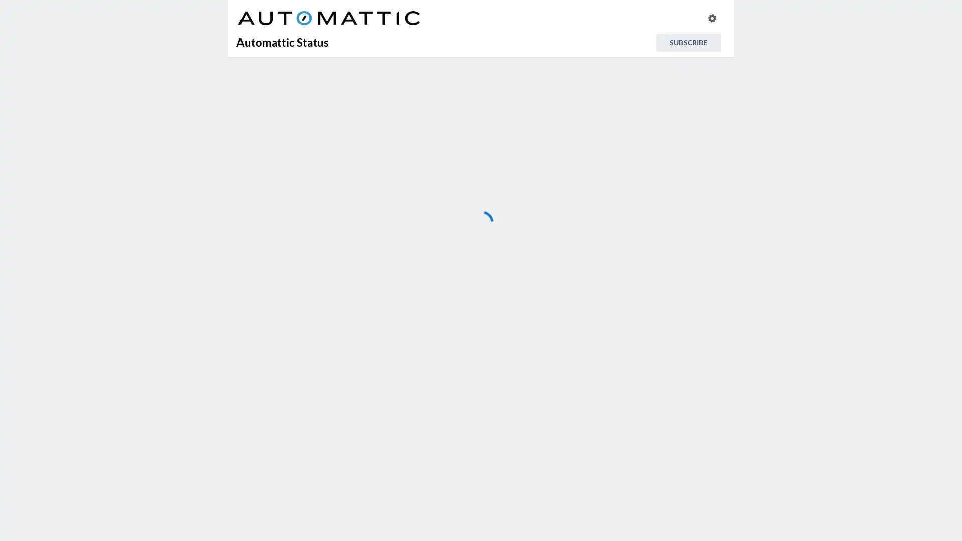 The image size is (962, 541). Describe the element at coordinates (420, 394) in the screenshot. I see `Jetpack Stats Response Time : 53 ms` at that location.